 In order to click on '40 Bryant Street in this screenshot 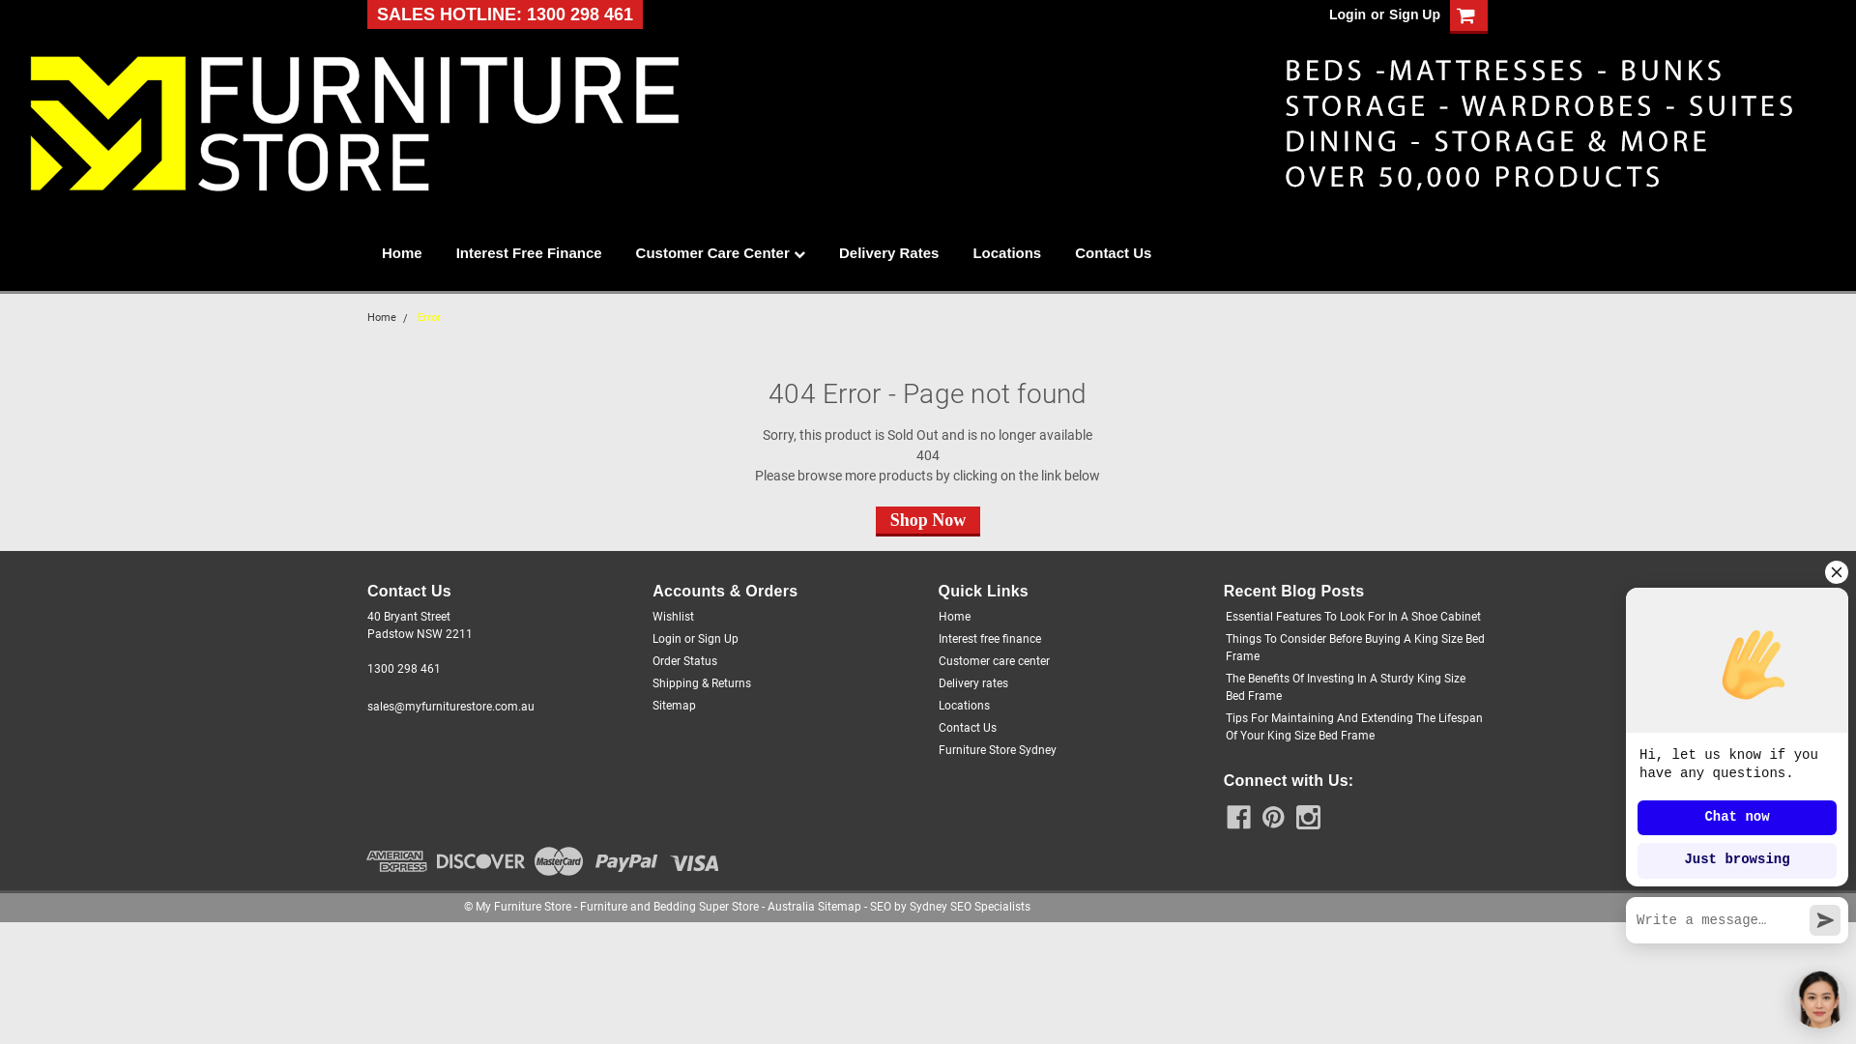, I will do `click(366, 625)`.